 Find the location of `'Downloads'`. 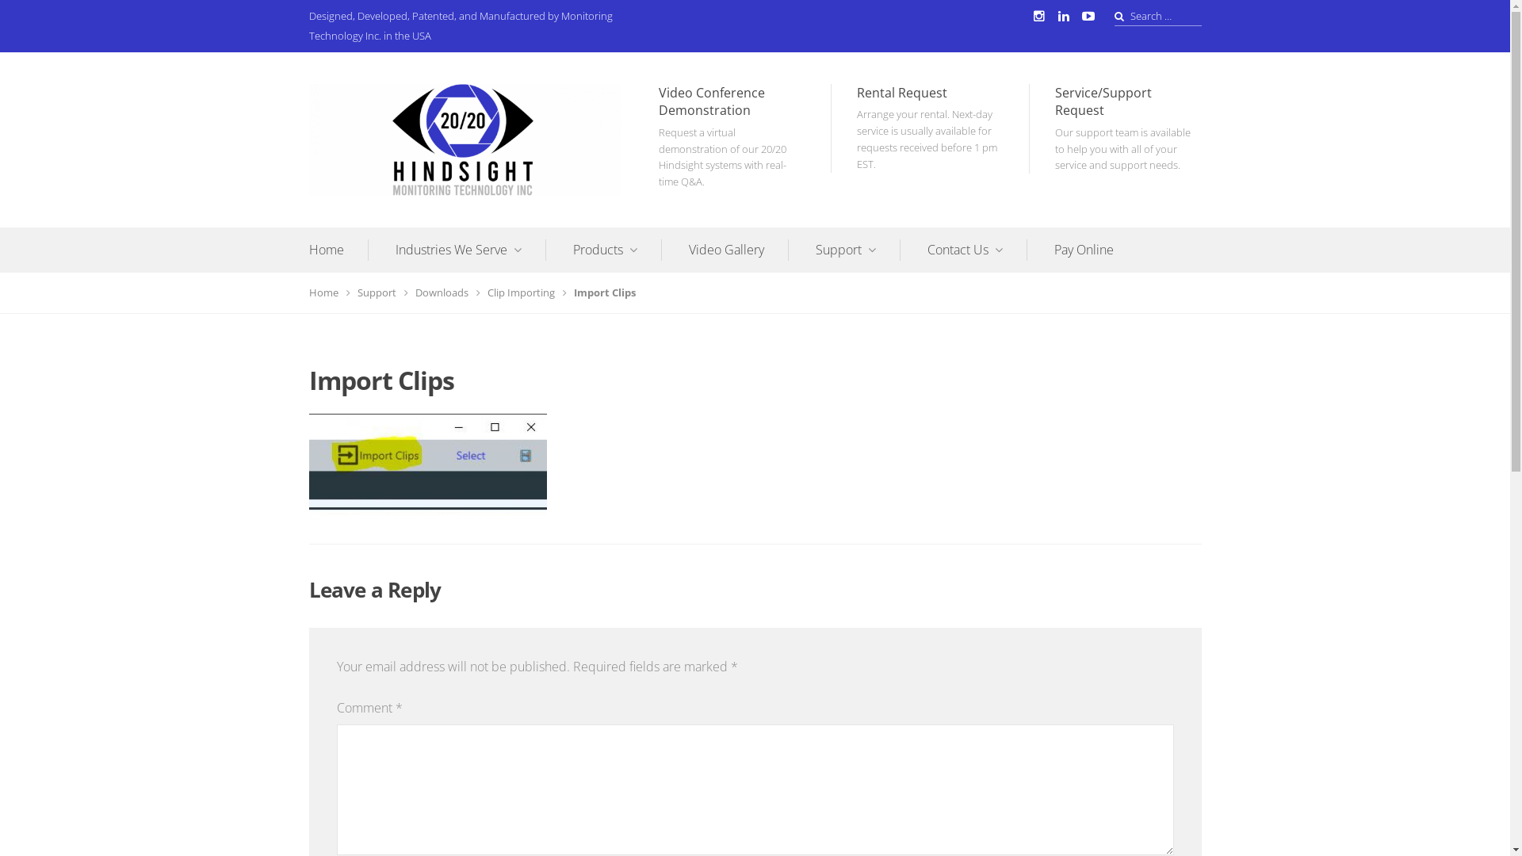

'Downloads' is located at coordinates (447, 292).